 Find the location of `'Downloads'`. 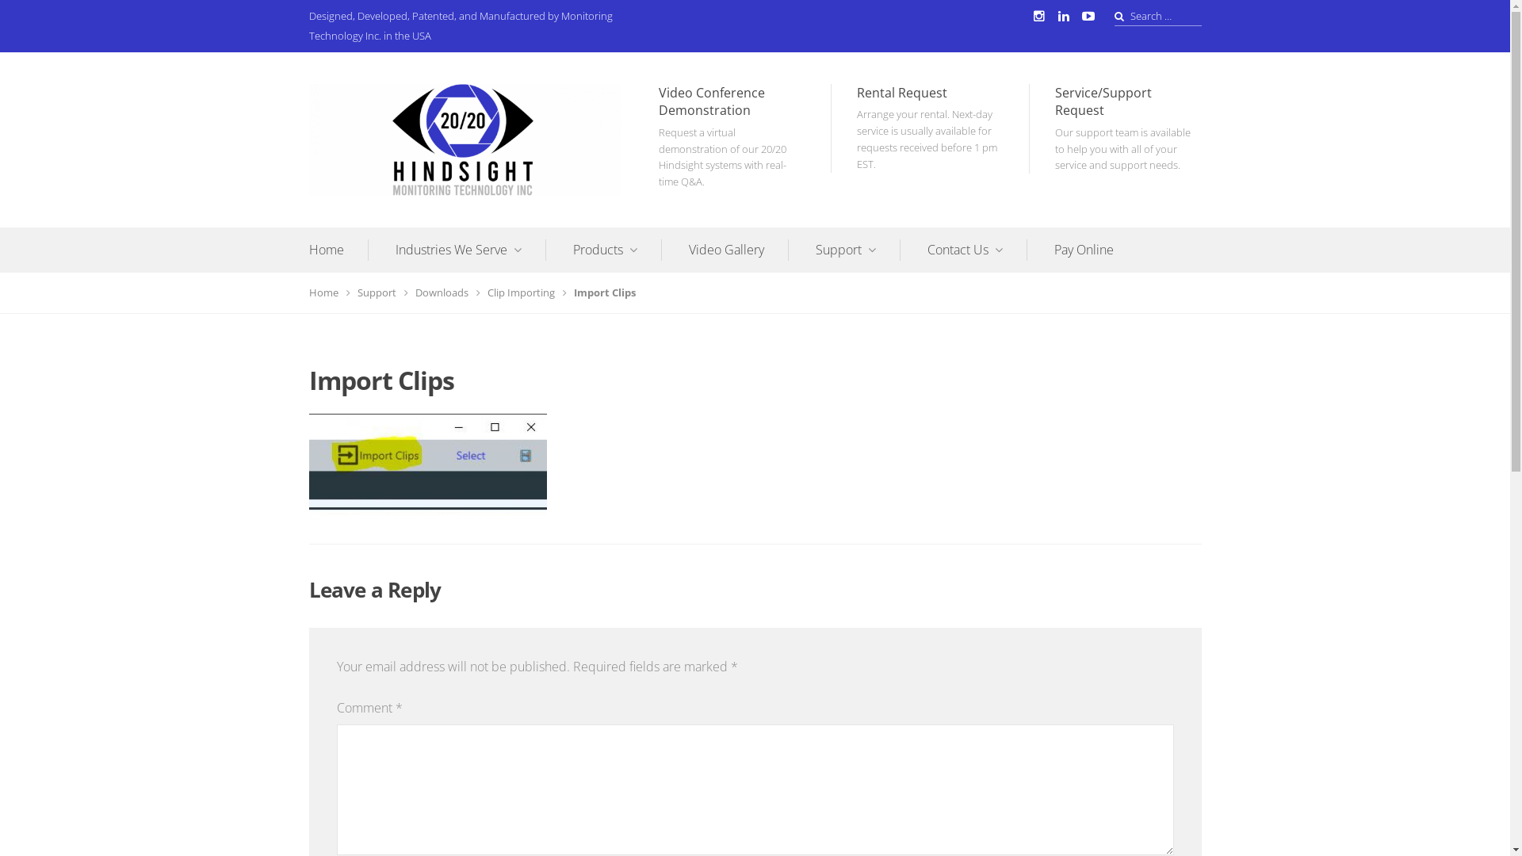

'Downloads' is located at coordinates (447, 292).